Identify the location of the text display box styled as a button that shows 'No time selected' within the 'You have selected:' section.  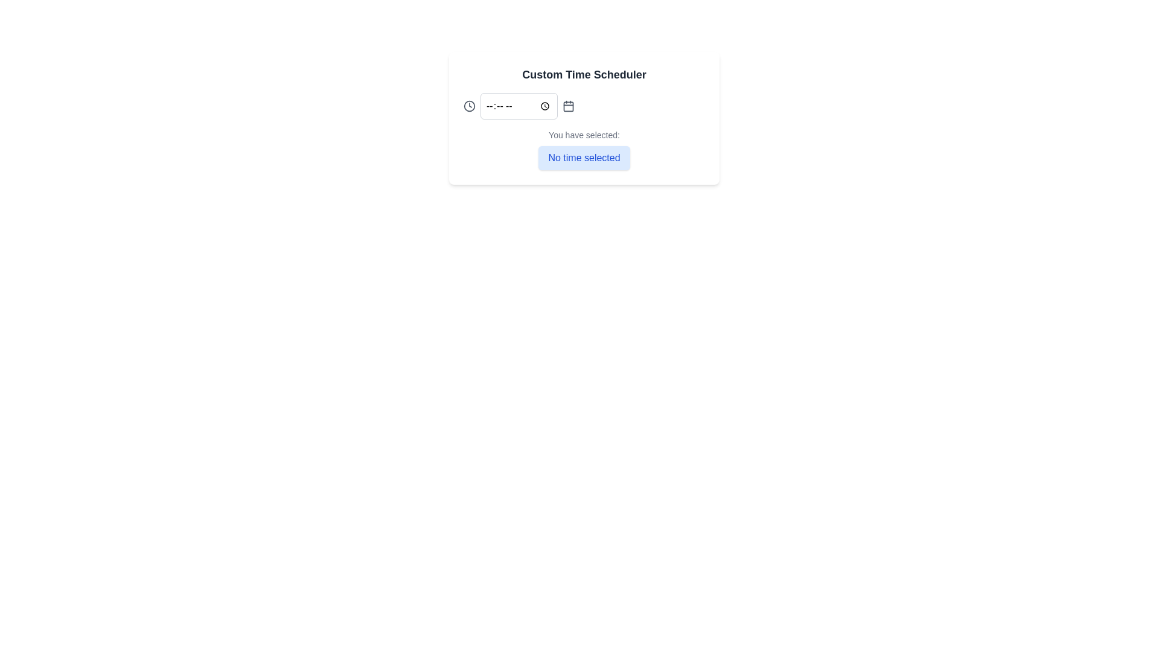
(584, 158).